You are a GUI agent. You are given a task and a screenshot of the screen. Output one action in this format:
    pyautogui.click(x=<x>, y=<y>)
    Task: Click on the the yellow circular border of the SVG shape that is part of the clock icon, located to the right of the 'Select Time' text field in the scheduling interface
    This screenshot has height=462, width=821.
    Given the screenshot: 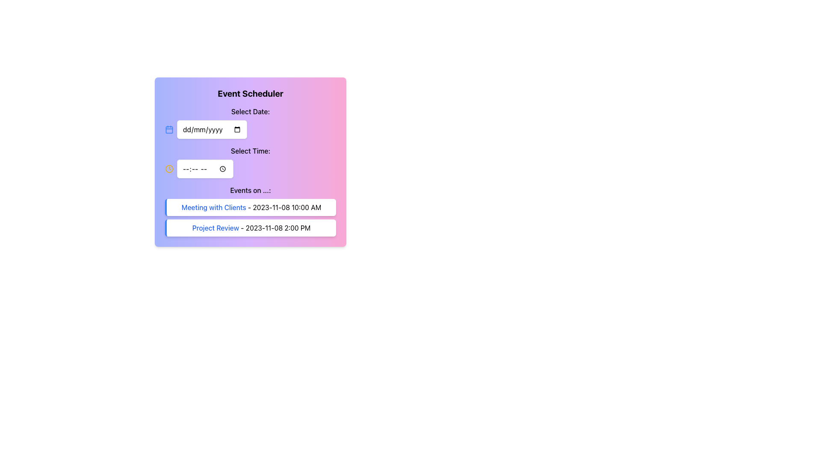 What is the action you would take?
    pyautogui.click(x=169, y=169)
    